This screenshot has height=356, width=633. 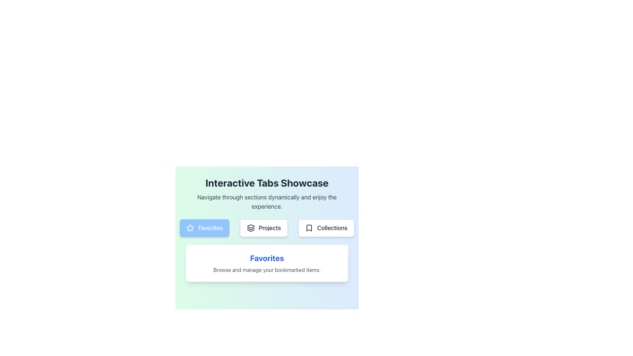 I want to click on the 'Favorites' button, so click(x=204, y=227).